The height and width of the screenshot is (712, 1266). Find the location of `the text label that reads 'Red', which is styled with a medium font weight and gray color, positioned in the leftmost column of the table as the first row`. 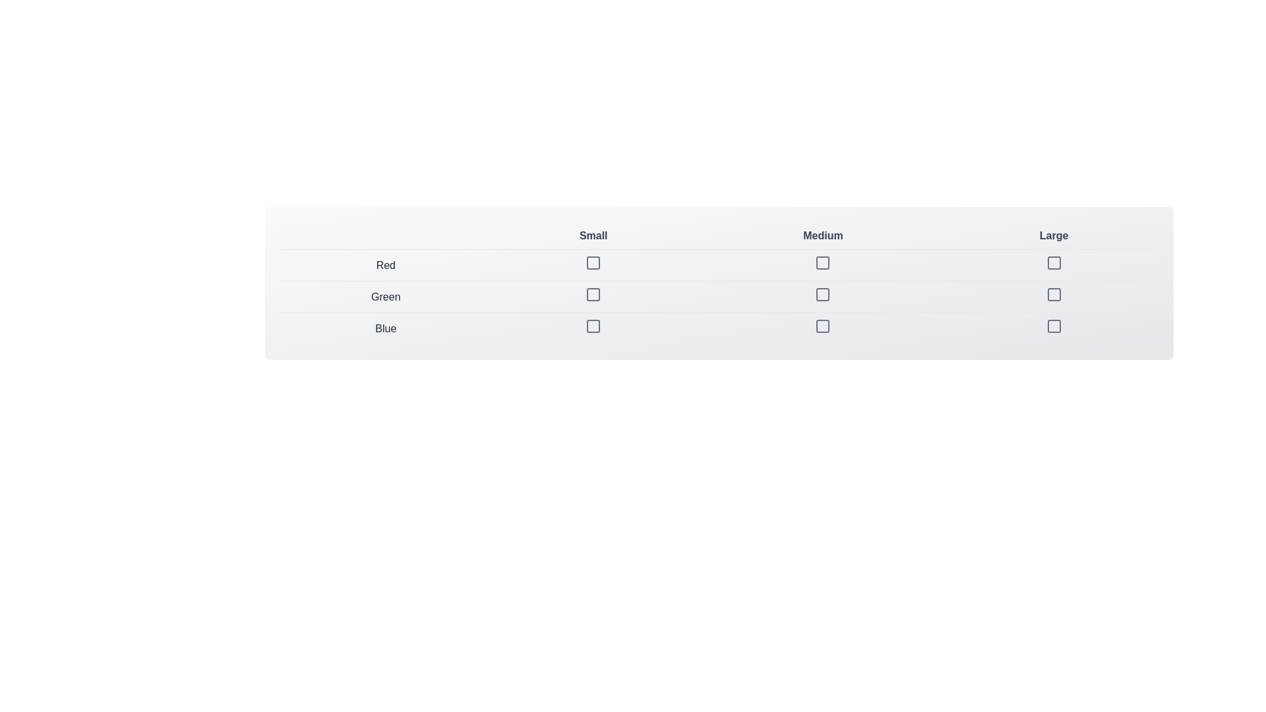

the text label that reads 'Red', which is styled with a medium font weight and gray color, positioned in the leftmost column of the table as the first row is located at coordinates (385, 265).